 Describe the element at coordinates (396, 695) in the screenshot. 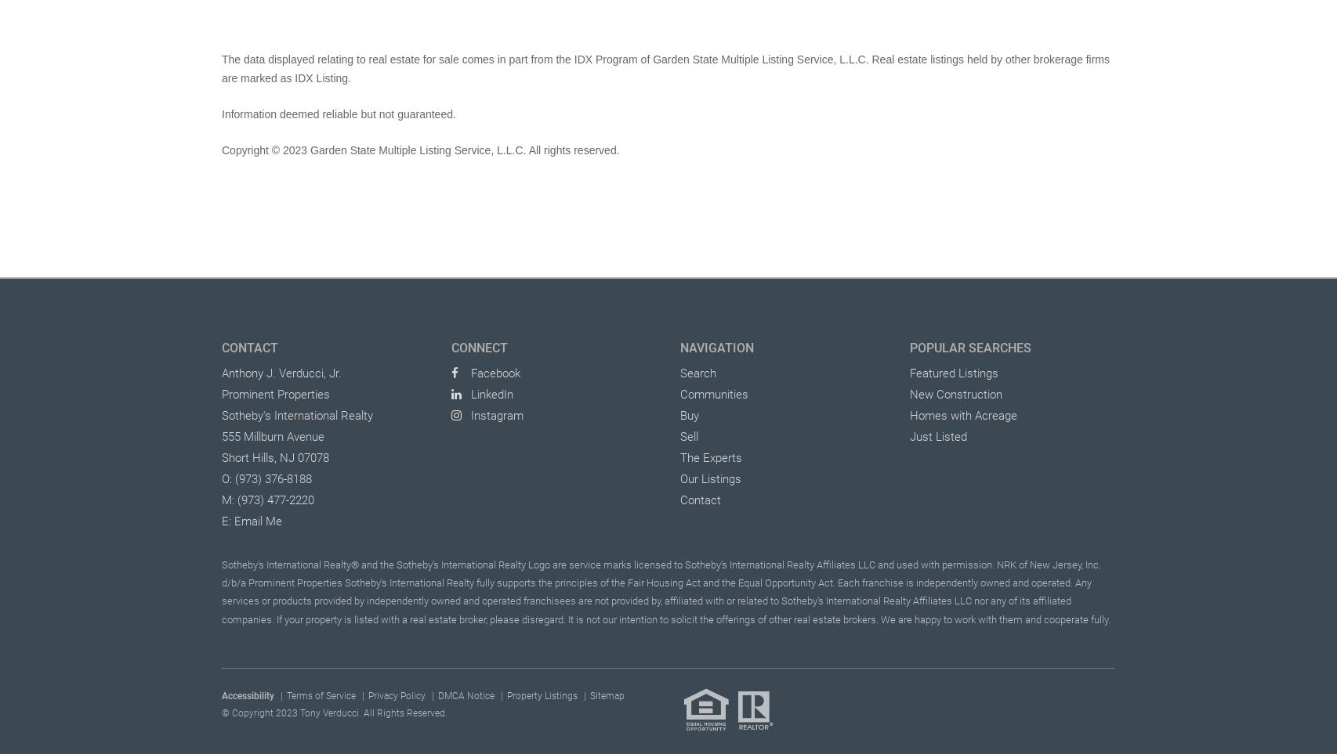

I see `'Privacy Policy'` at that location.